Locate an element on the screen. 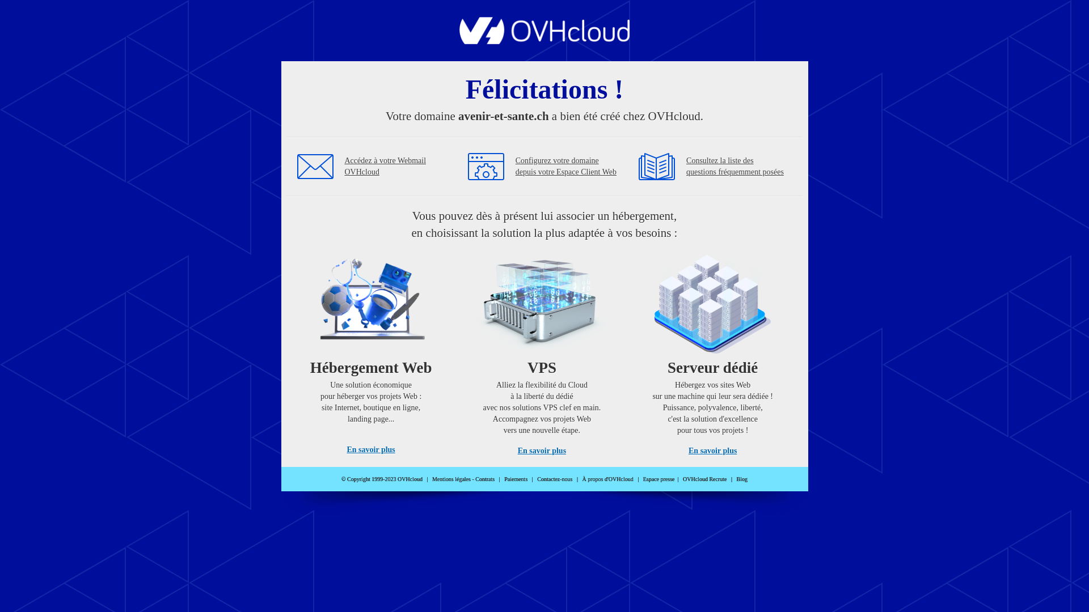 This screenshot has width=1089, height=612. 'Configurez votre domaine is located at coordinates (566, 166).